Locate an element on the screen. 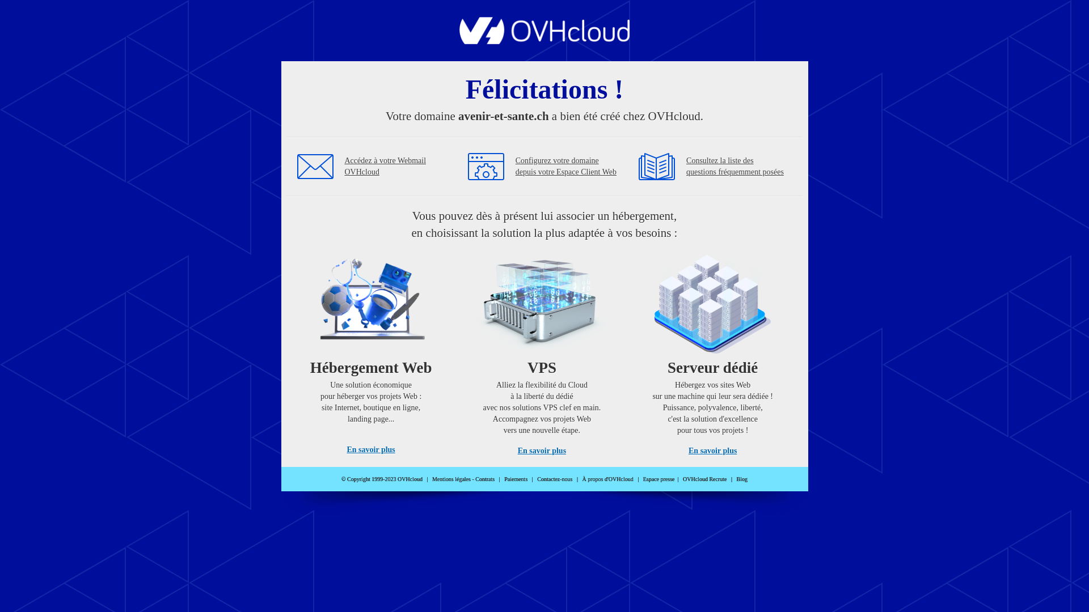 This screenshot has width=1089, height=612. 'Configurez votre domaine is located at coordinates (566, 166).